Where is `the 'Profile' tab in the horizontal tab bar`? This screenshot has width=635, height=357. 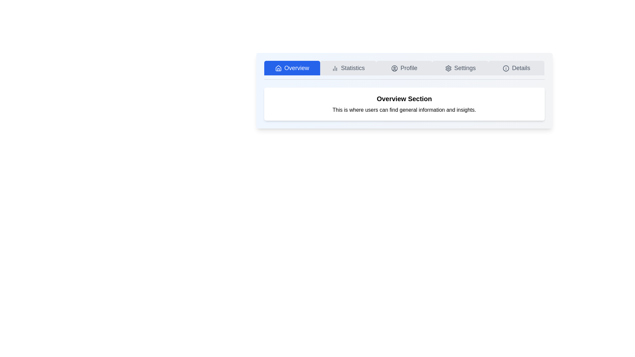 the 'Profile' tab in the horizontal tab bar is located at coordinates (404, 68).